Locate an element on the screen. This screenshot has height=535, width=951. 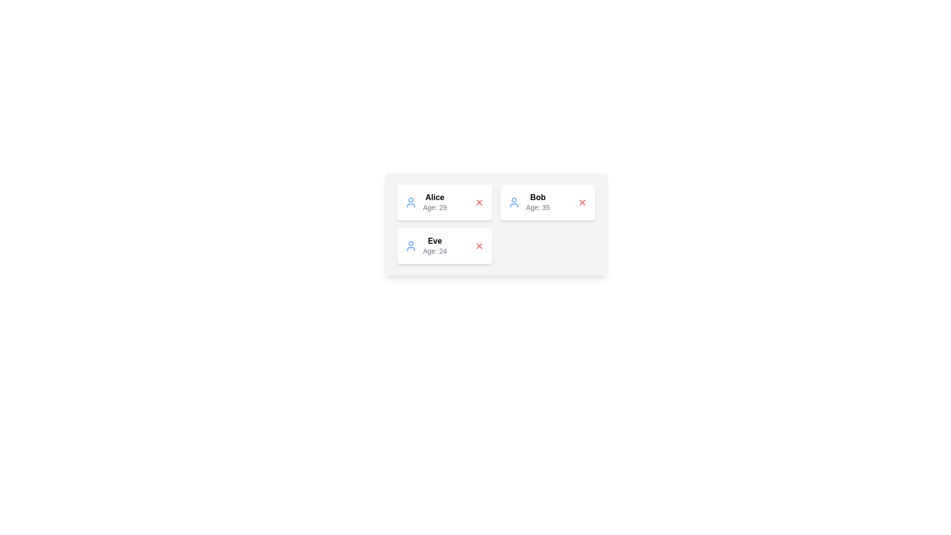
close button for the user Alice is located at coordinates (479, 202).